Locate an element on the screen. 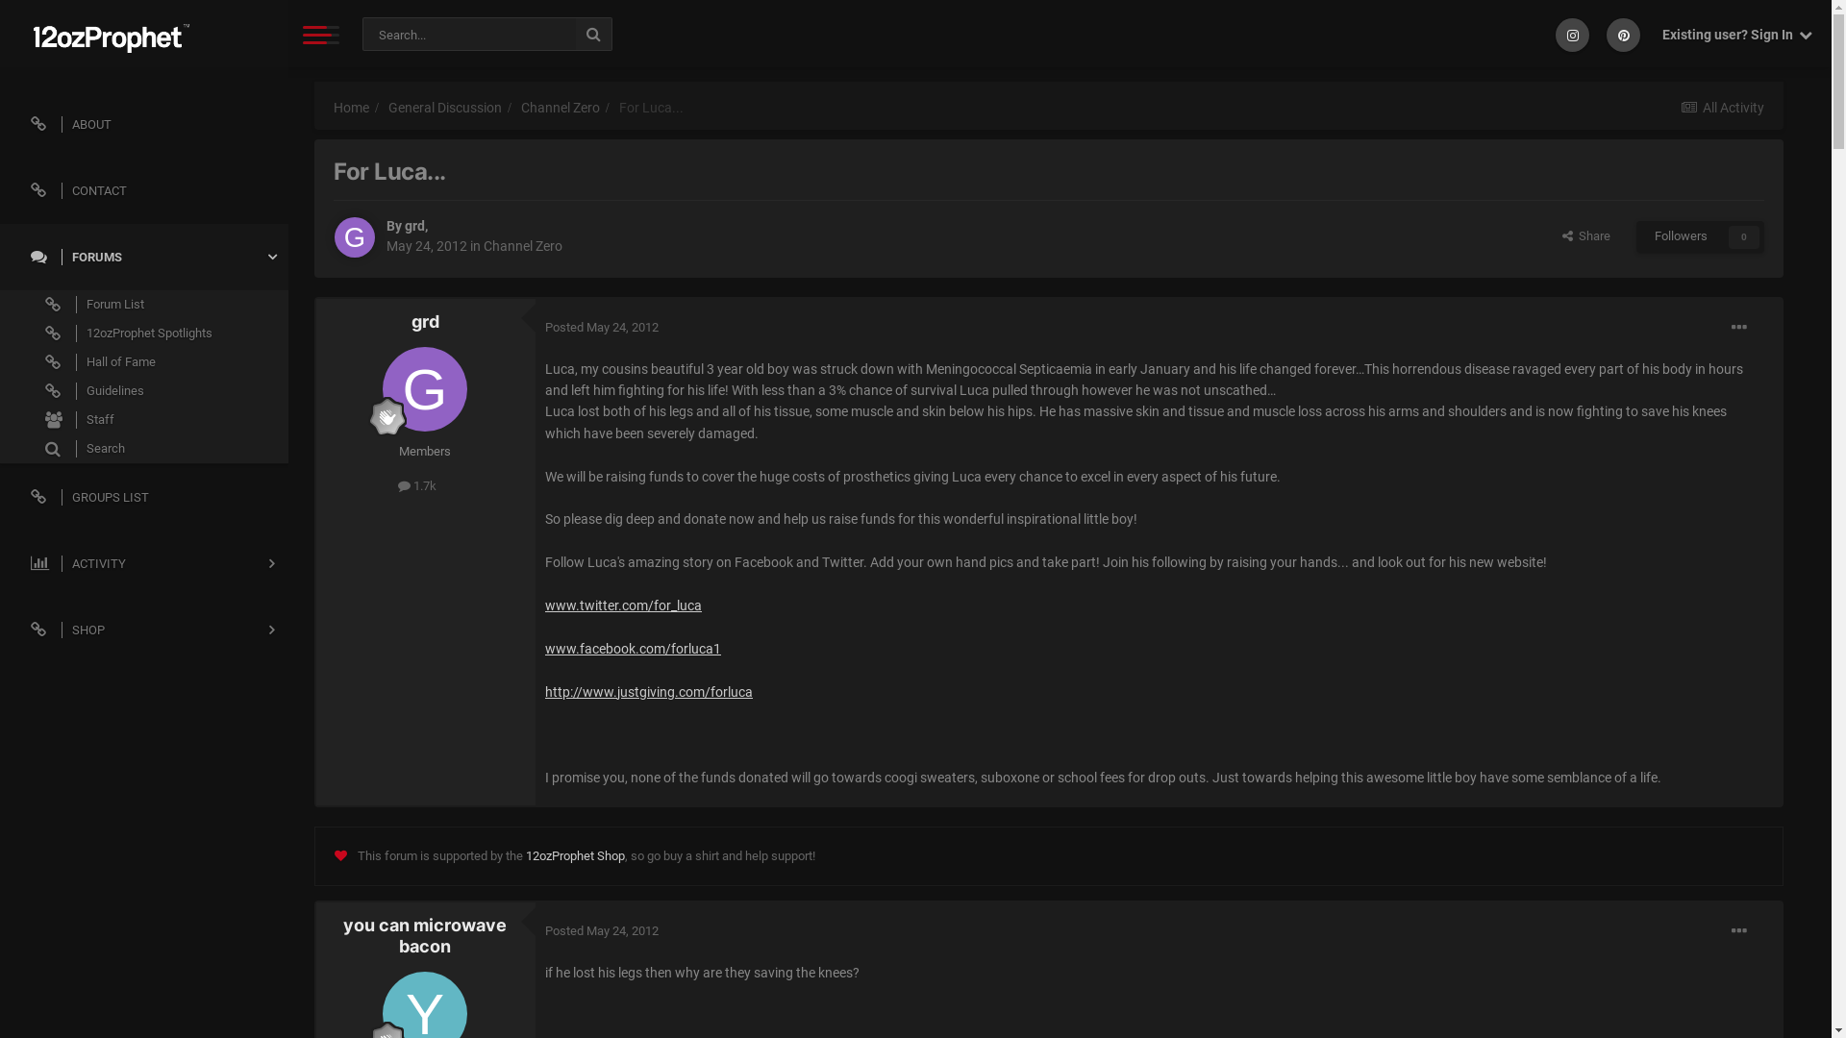  'CONTACT' is located at coordinates (142, 190).